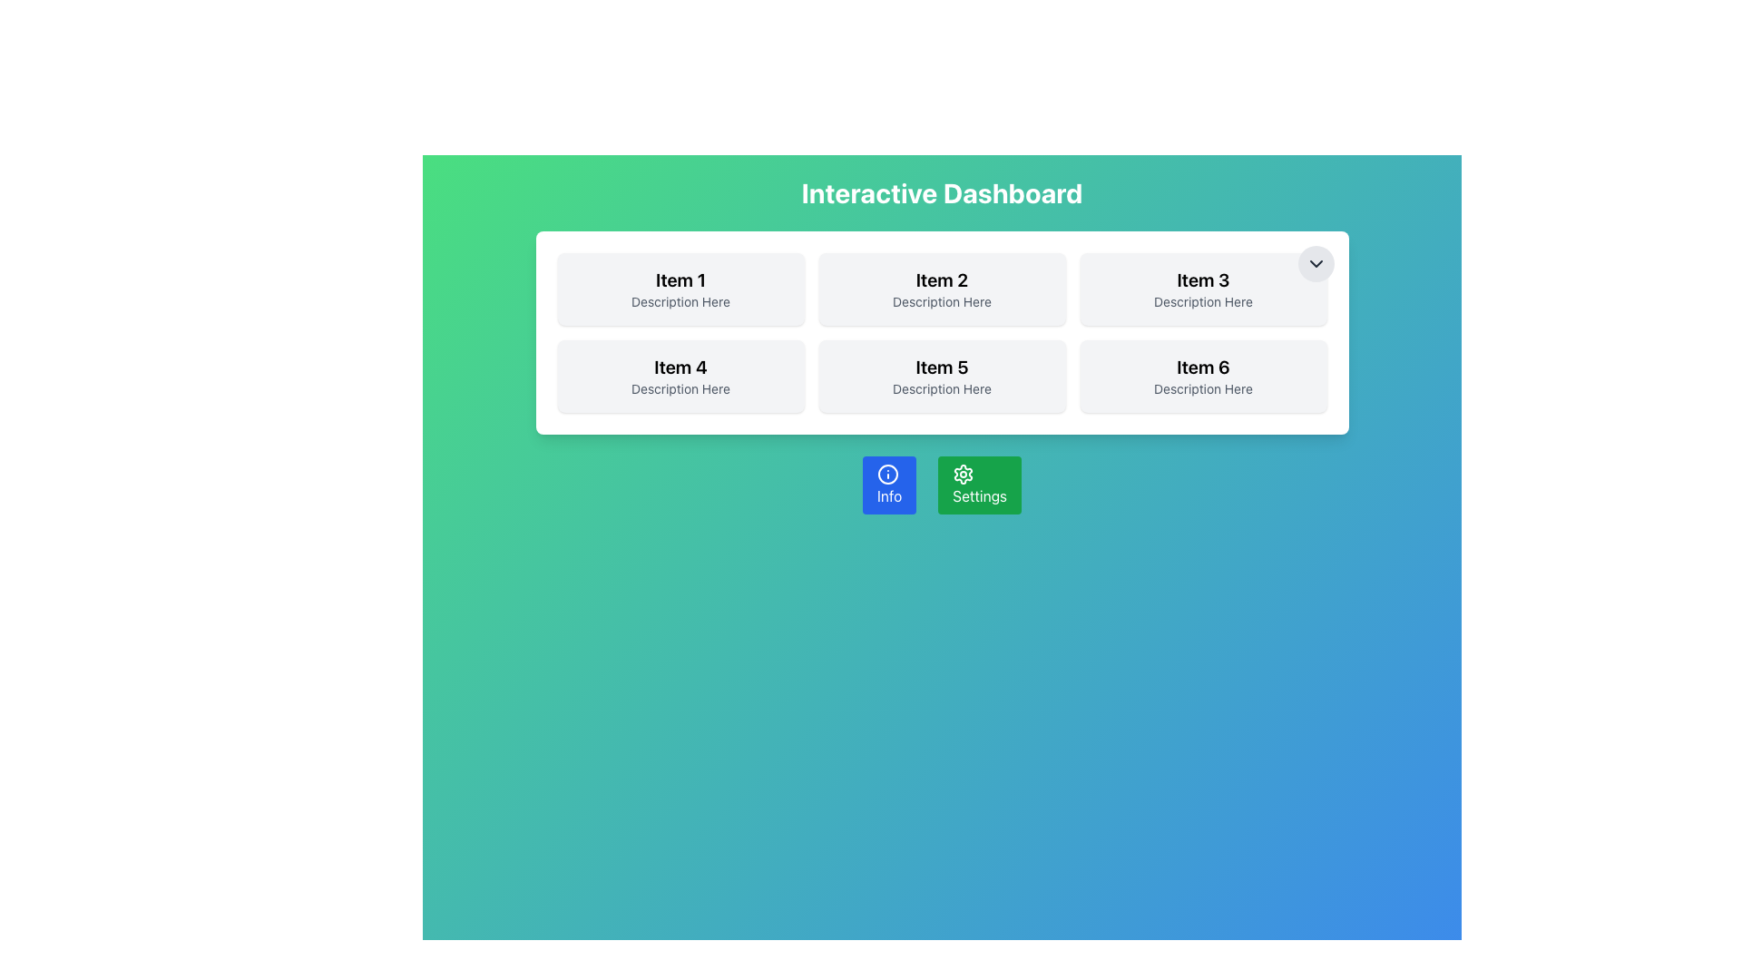 This screenshot has height=980, width=1742. Describe the element at coordinates (942, 367) in the screenshot. I see `the title label indicating 'Item 5', which is located in the second row and second column of the grid` at that location.